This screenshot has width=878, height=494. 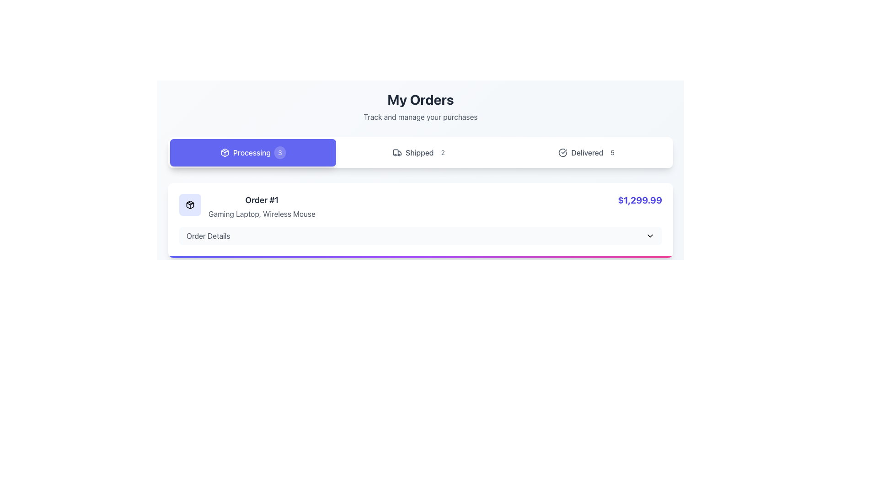 What do you see at coordinates (397, 152) in the screenshot?
I see `the 'Shipped' icon located in the middle button of the horizontal menu, positioned to the left of the text 'Shipped'` at bounding box center [397, 152].